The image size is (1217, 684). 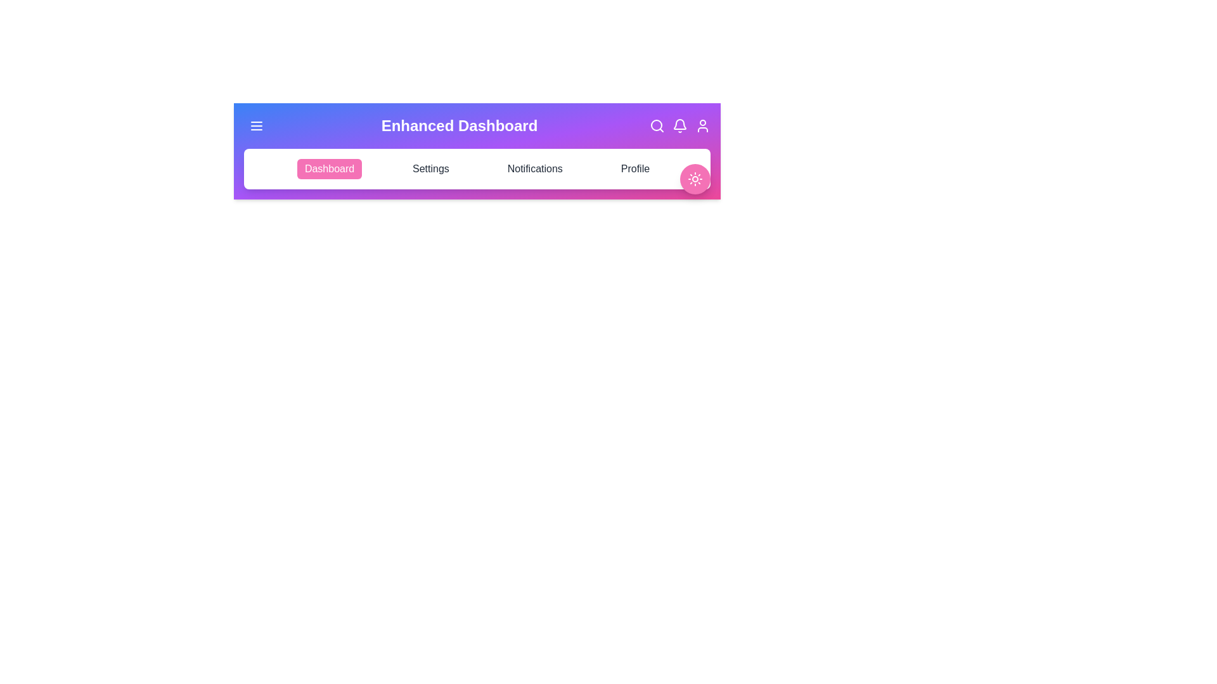 What do you see at coordinates (329, 168) in the screenshot?
I see `the tab named Dashboard in the navigation bar` at bounding box center [329, 168].